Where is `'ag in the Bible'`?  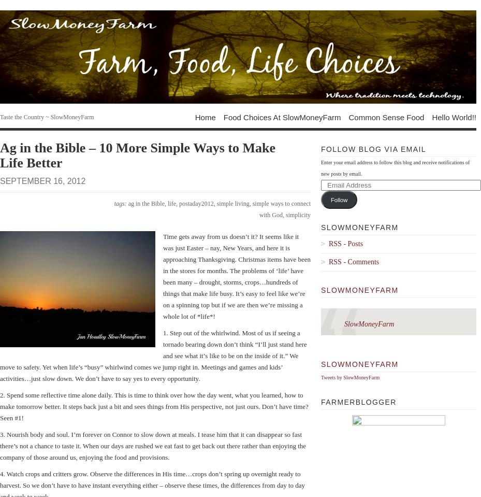
'ag in the Bible' is located at coordinates (146, 203).